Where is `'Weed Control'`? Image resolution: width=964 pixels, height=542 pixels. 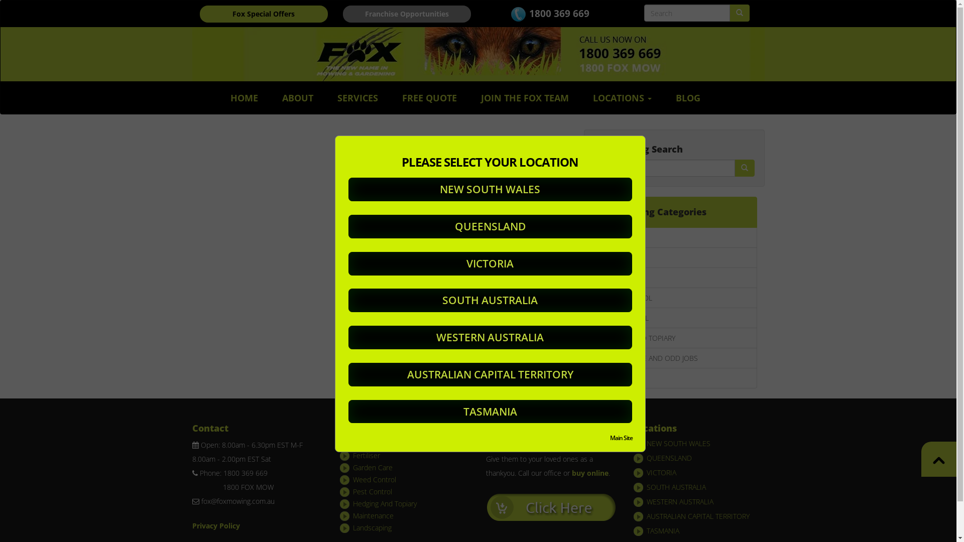
'Weed Control' is located at coordinates (374, 479).